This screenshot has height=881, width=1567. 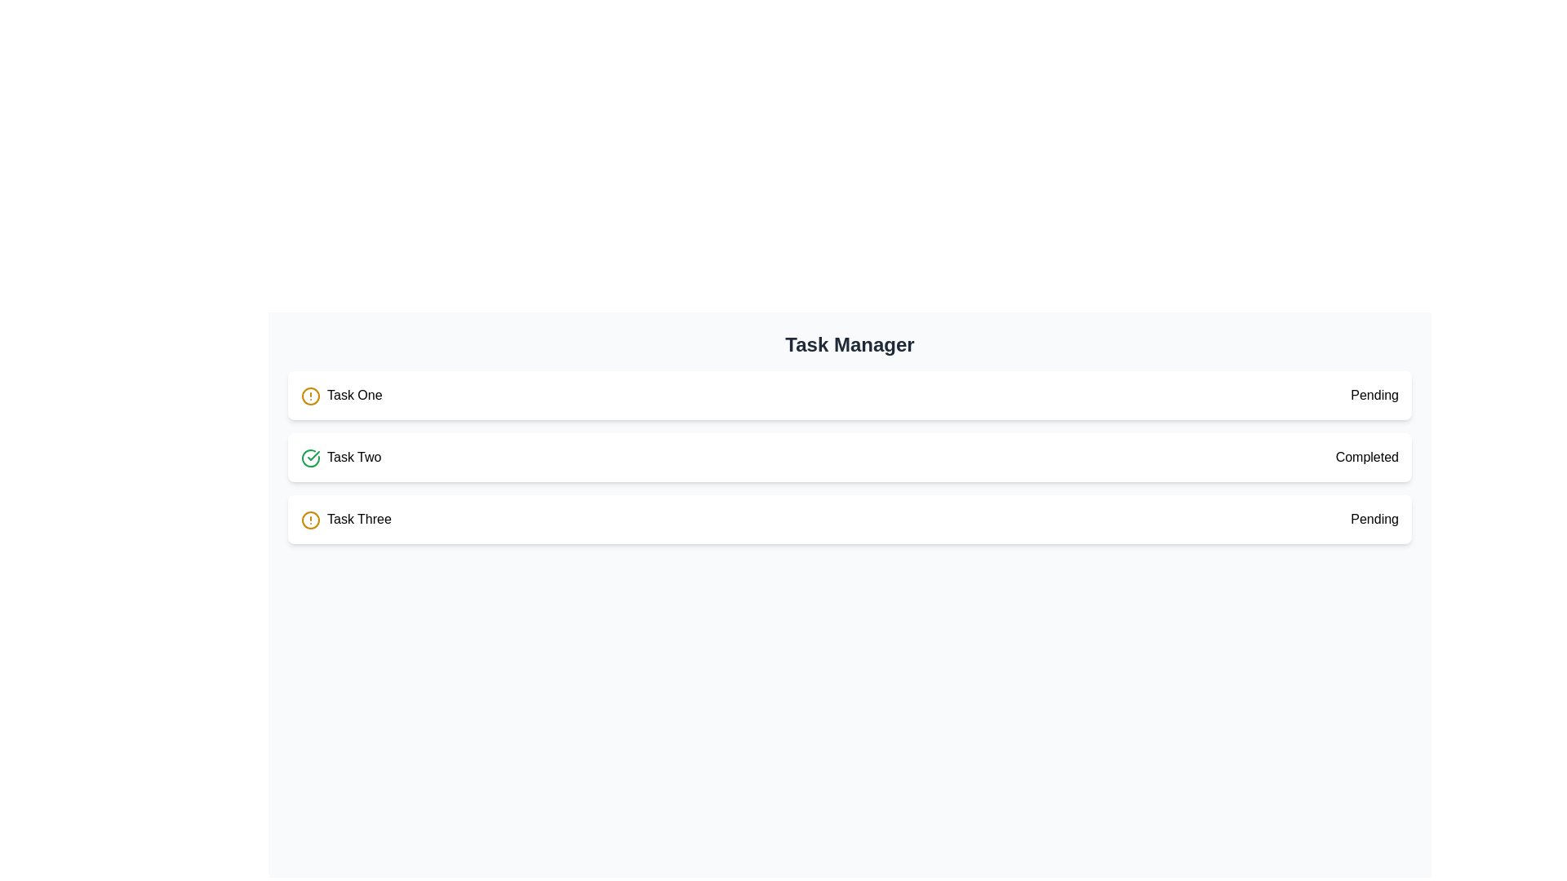 What do you see at coordinates (340, 396) in the screenshot?
I see `the 'Task One' element, which consists of a yellow-orange circular icon with an exclamation mark and bold text, for reordering within the task list` at bounding box center [340, 396].